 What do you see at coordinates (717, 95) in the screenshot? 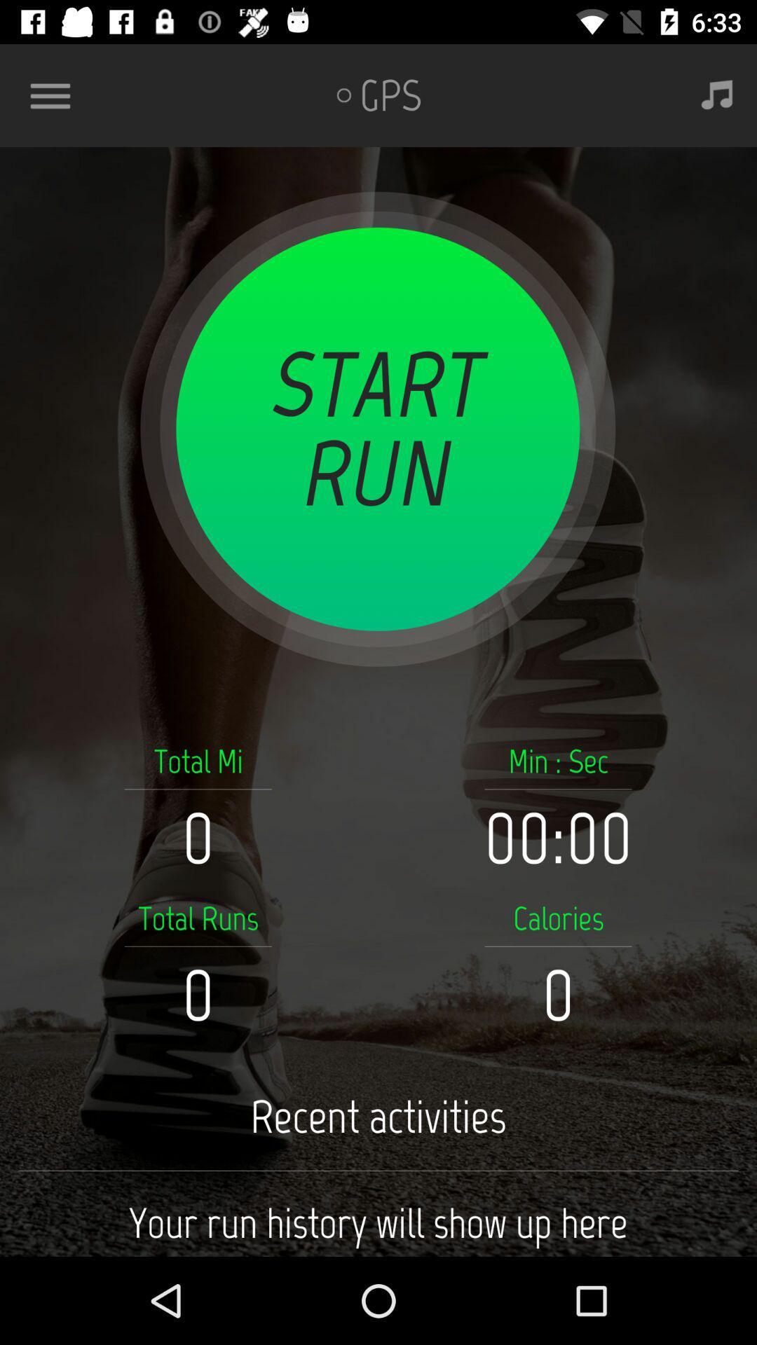
I see `icon at the top right corner` at bounding box center [717, 95].